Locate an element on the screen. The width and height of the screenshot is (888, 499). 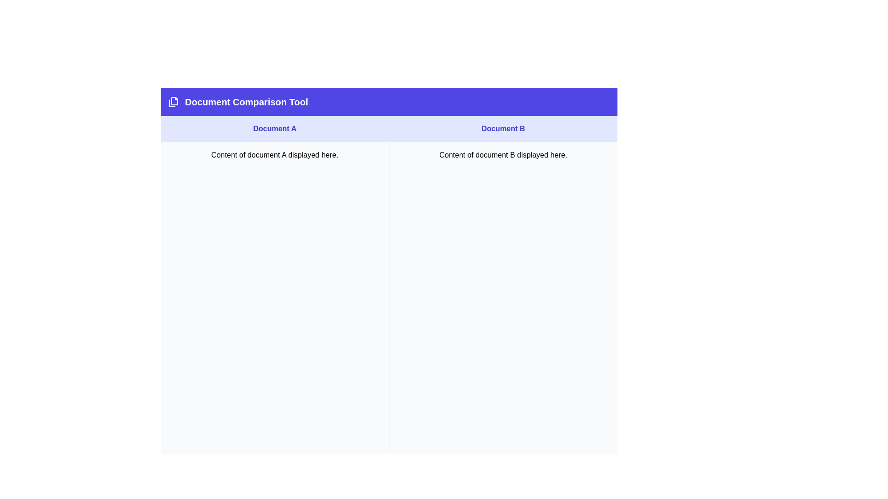
the document icon located at the leftmost side of the purple header band, preceding the text 'Document Comparison Tool' is located at coordinates (173, 102).